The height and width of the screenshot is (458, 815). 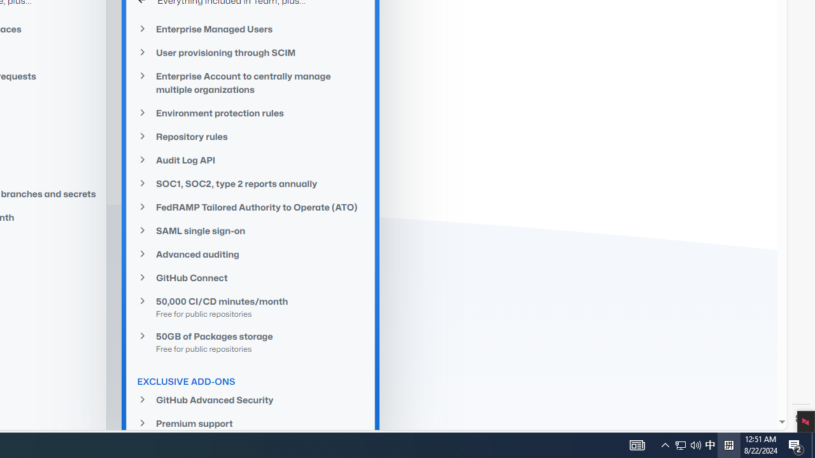 What do you see at coordinates (251, 424) in the screenshot?
I see `'Premium support'` at bounding box center [251, 424].